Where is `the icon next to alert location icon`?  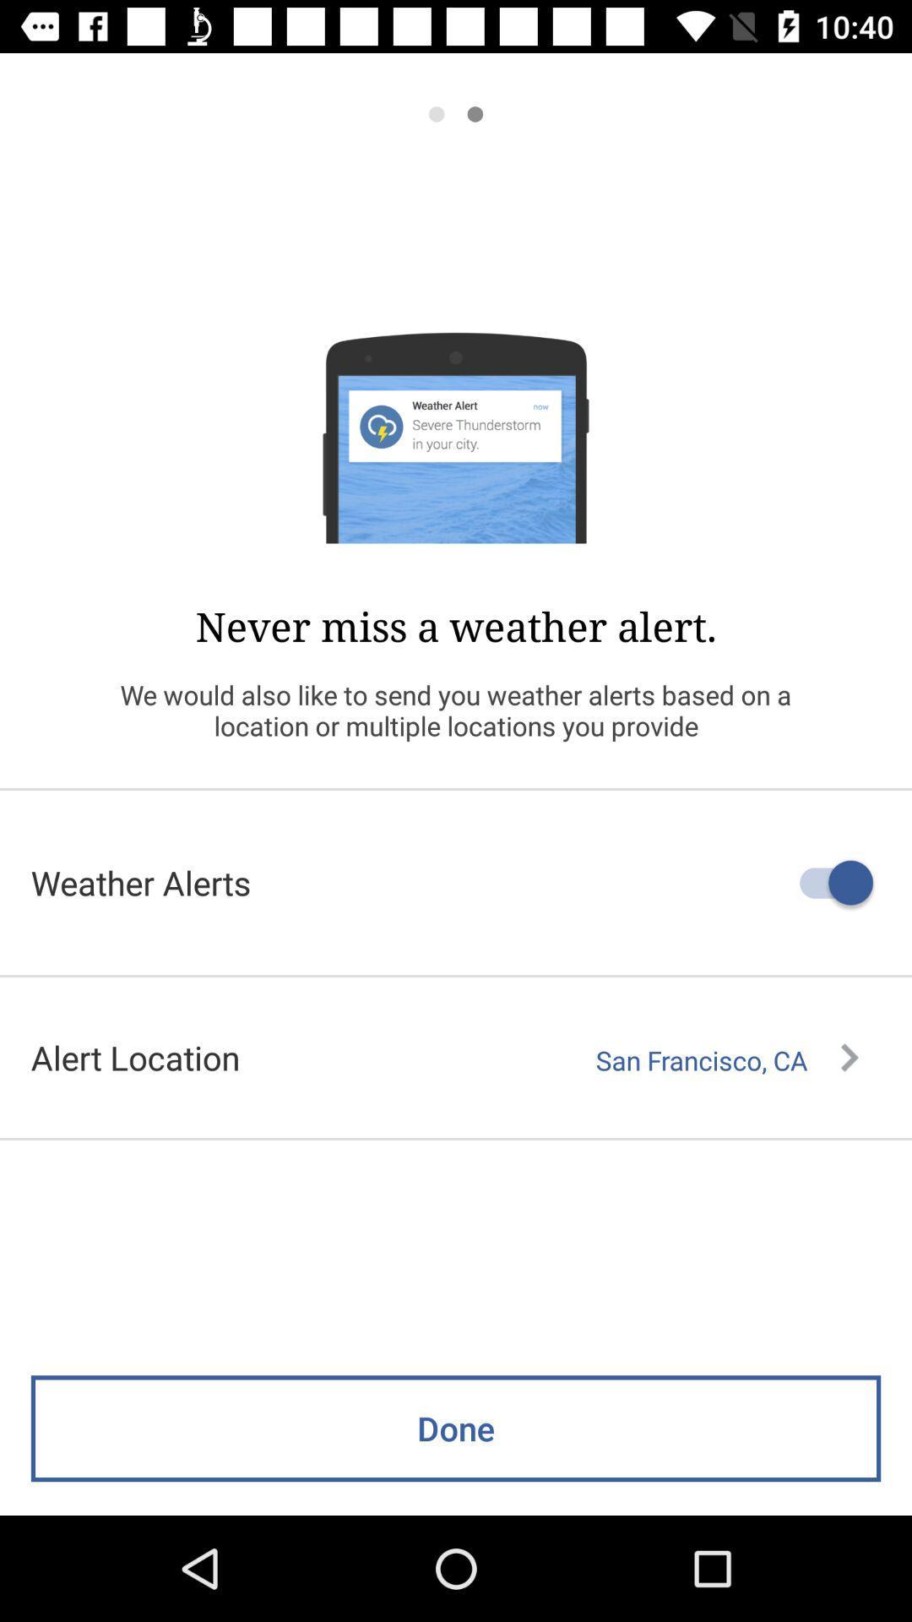
the icon next to alert location icon is located at coordinates (726, 1059).